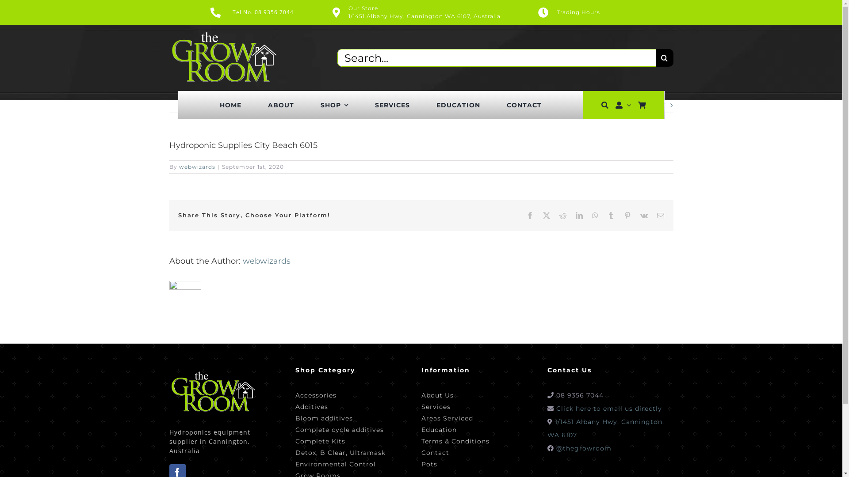 The width and height of the screenshot is (849, 477). Describe the element at coordinates (340, 428) in the screenshot. I see `'Complete cycle additives'` at that location.